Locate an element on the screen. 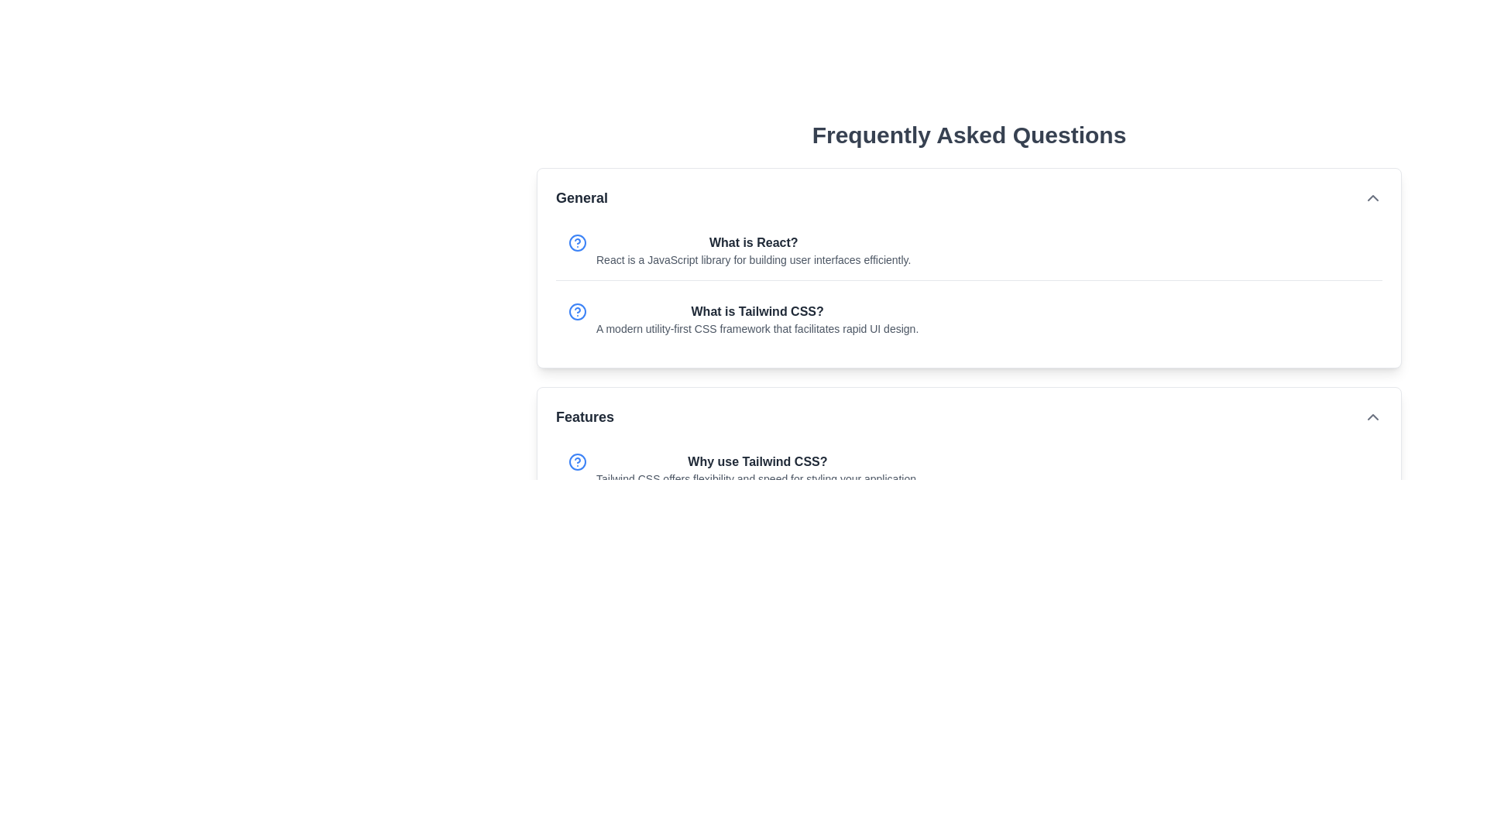 This screenshot has width=1487, height=836. informational content block titled 'What is Tailwind CSS?' which includes a descriptive paragraph about the CSS framework is located at coordinates (968, 318).